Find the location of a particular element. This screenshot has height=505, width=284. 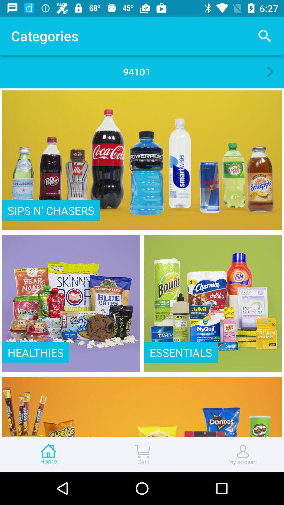

the more icon is located at coordinates (47, 454).